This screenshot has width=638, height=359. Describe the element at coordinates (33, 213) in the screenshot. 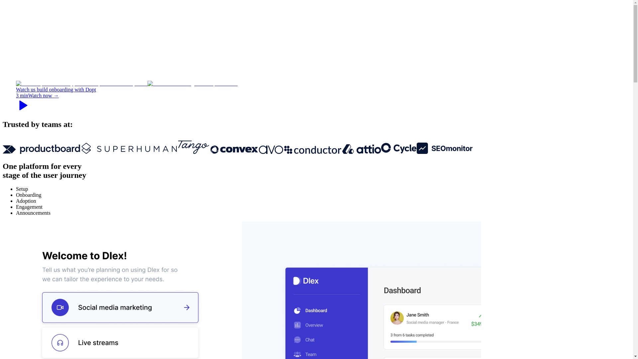

I see `'Announcements'` at that location.